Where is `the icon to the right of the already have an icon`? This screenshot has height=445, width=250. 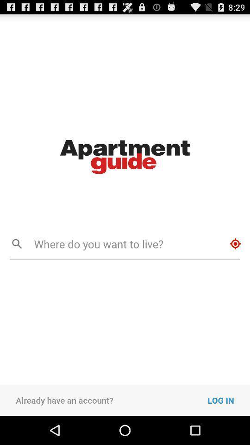
the icon to the right of the already have an icon is located at coordinates (228, 400).